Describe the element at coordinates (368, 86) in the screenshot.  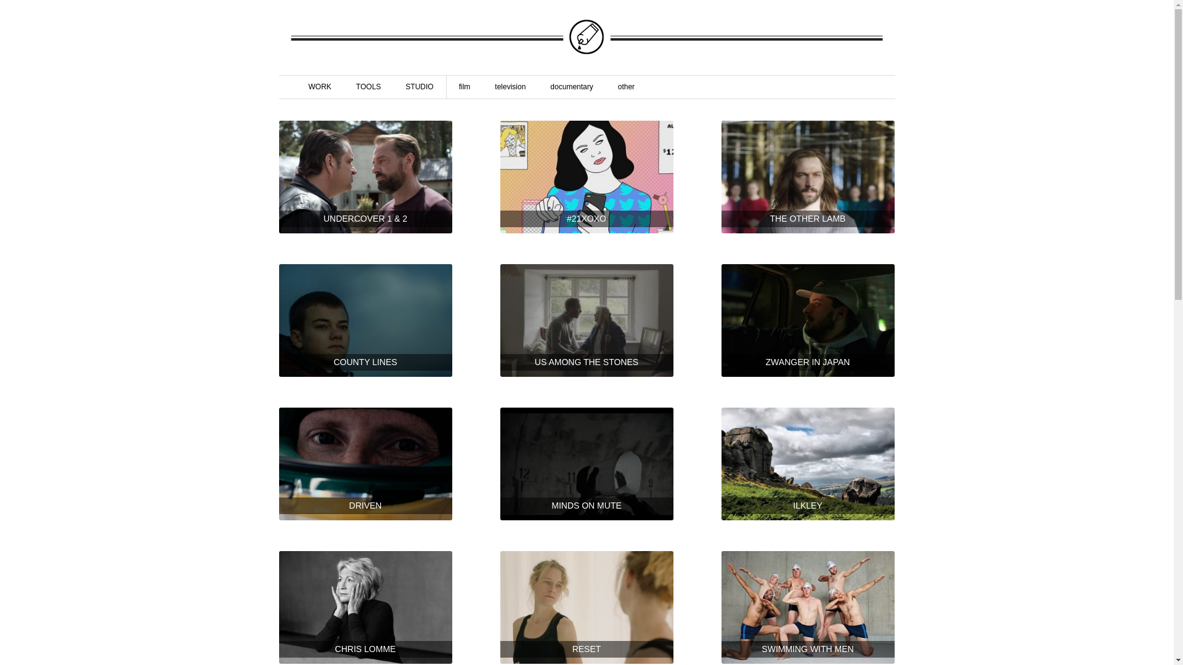
I see `'TOOLS'` at that location.